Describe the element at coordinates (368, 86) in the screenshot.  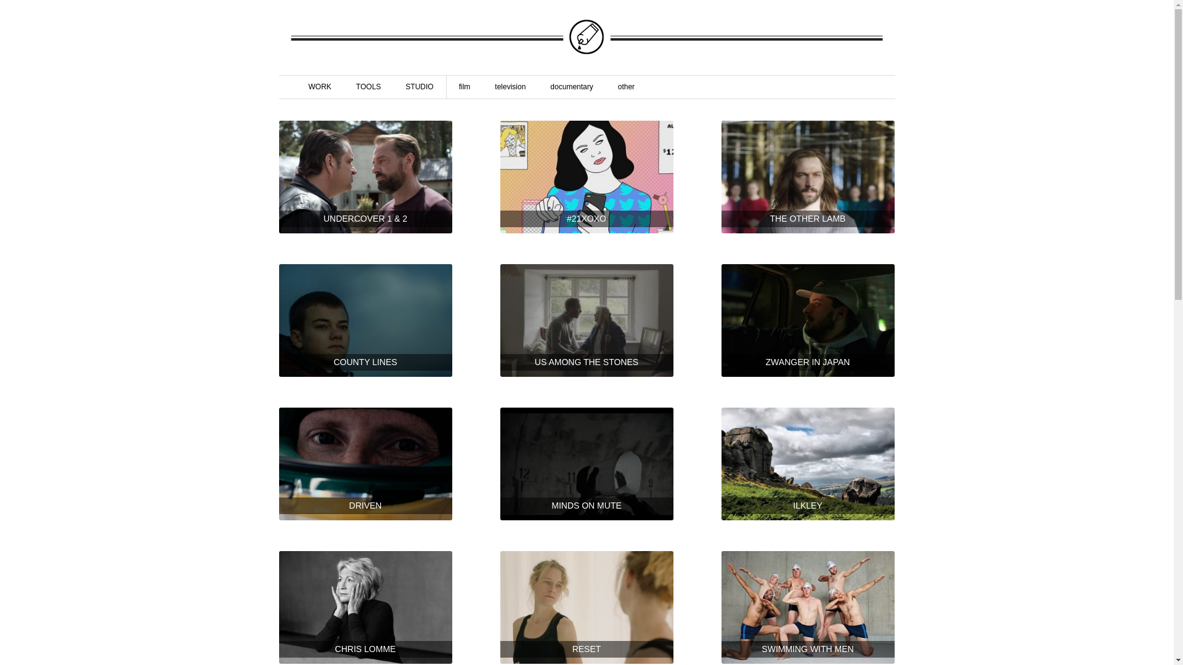
I see `'TOOLS'` at that location.